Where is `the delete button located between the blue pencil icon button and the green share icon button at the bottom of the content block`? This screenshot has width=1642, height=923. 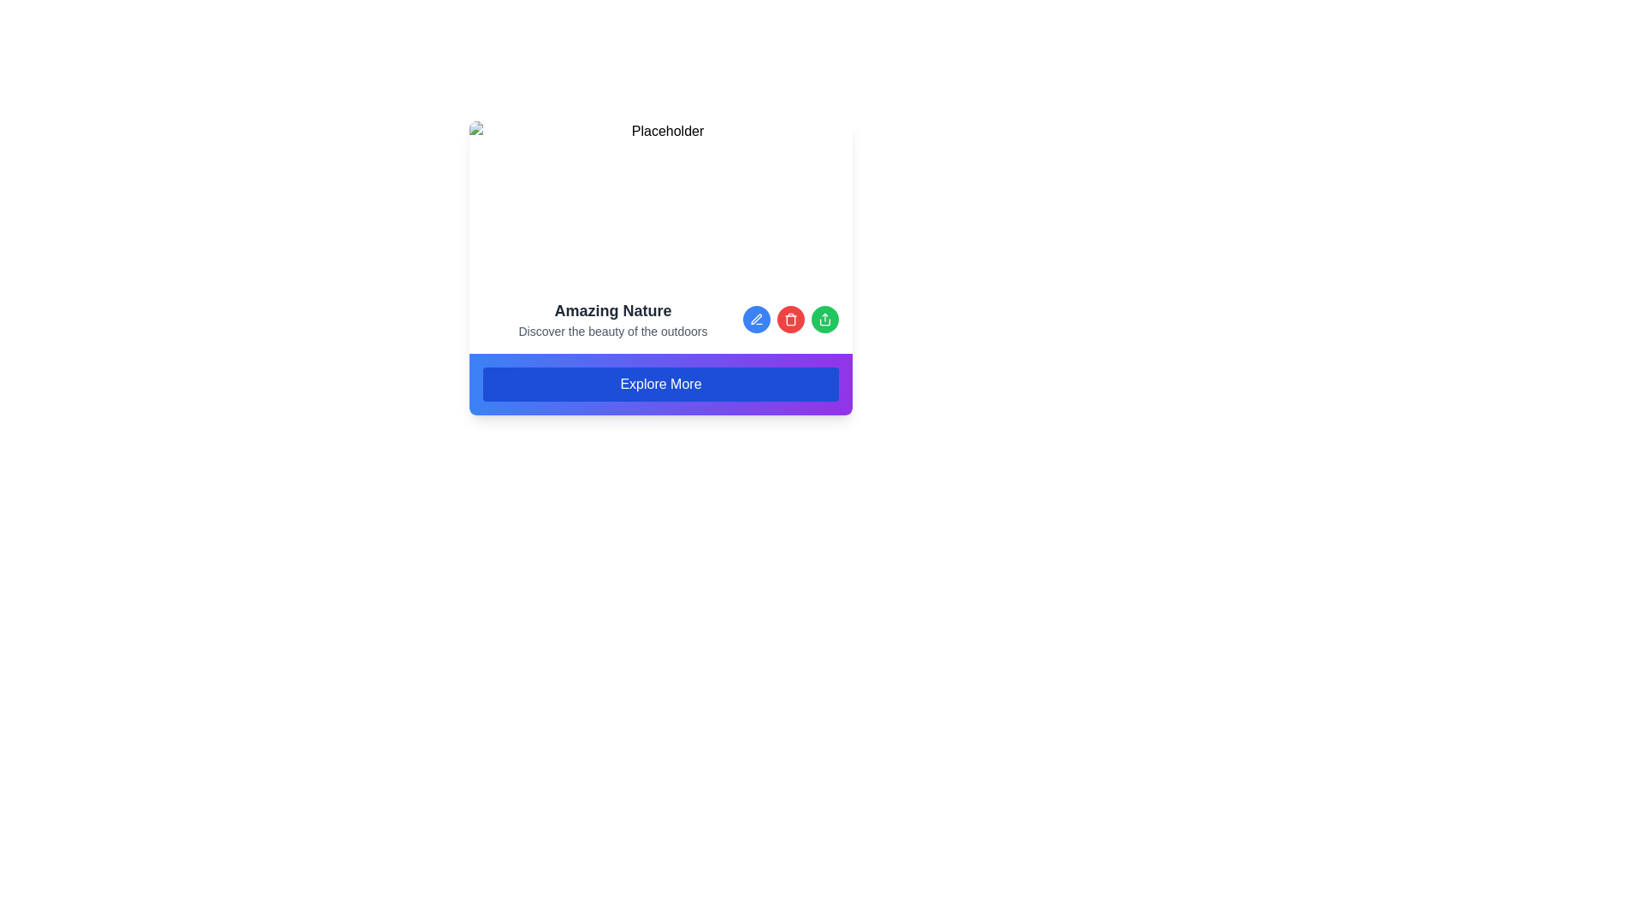 the delete button located between the blue pencil icon button and the green share icon button at the bottom of the content block is located at coordinates (790, 320).